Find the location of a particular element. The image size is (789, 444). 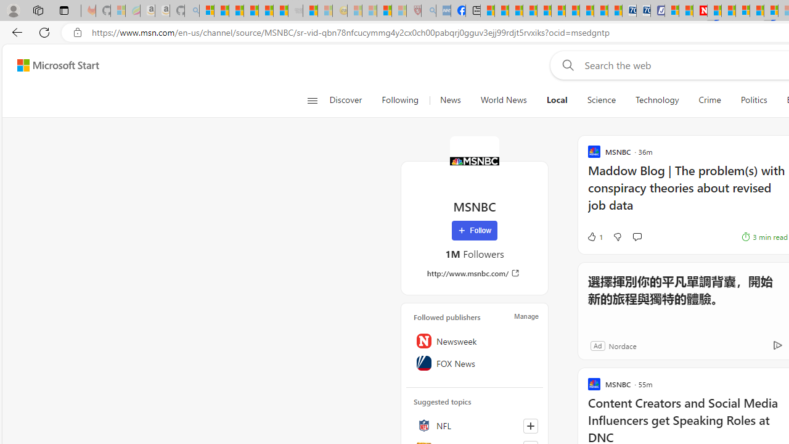

'Follow this topic' is located at coordinates (530, 425).